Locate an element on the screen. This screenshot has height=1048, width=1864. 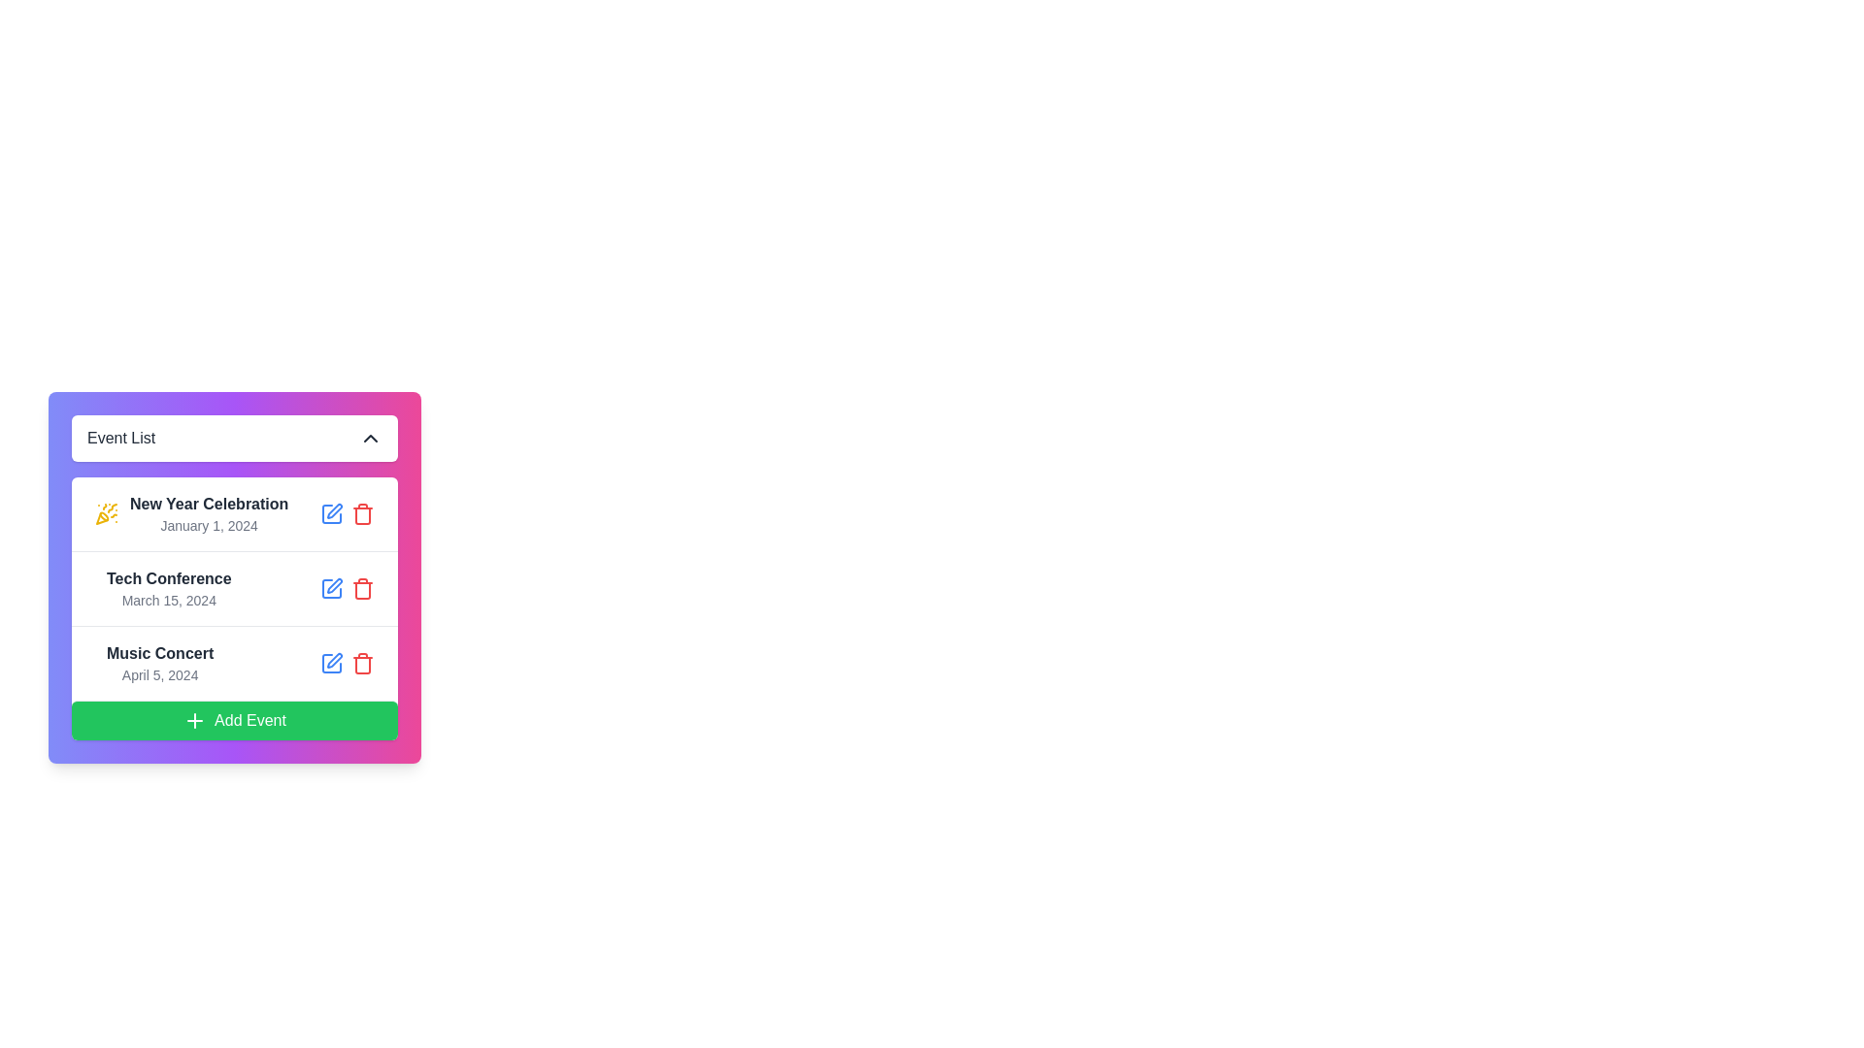
the colorful confetti and party popper icon located at the top-left corner of the 'New Year Celebration' entry in the events list is located at coordinates (106, 512).